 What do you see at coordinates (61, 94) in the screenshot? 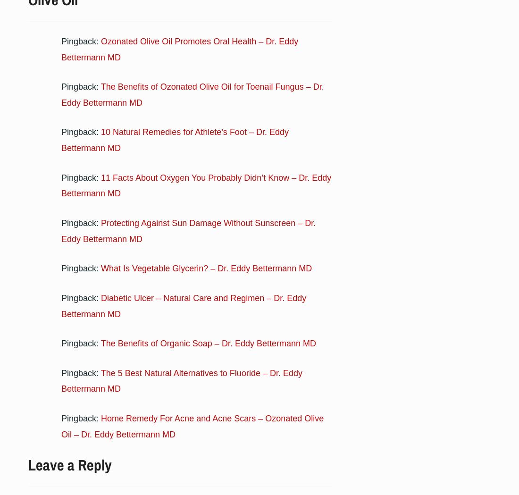
I see `'The Benefits of Ozonated Olive Oil for Toenail Fungus – Dr. Eddy Bettermann MD'` at bounding box center [61, 94].